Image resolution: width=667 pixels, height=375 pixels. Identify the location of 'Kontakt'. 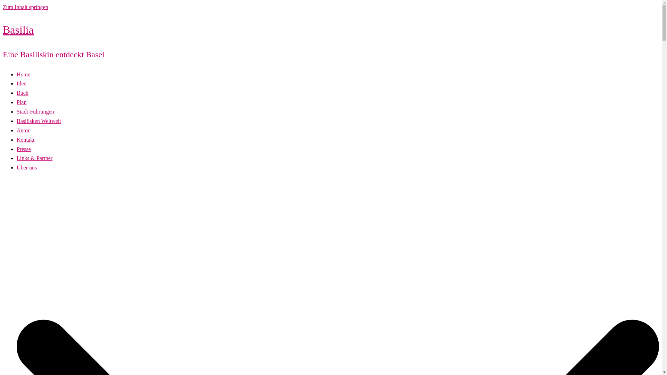
(17, 140).